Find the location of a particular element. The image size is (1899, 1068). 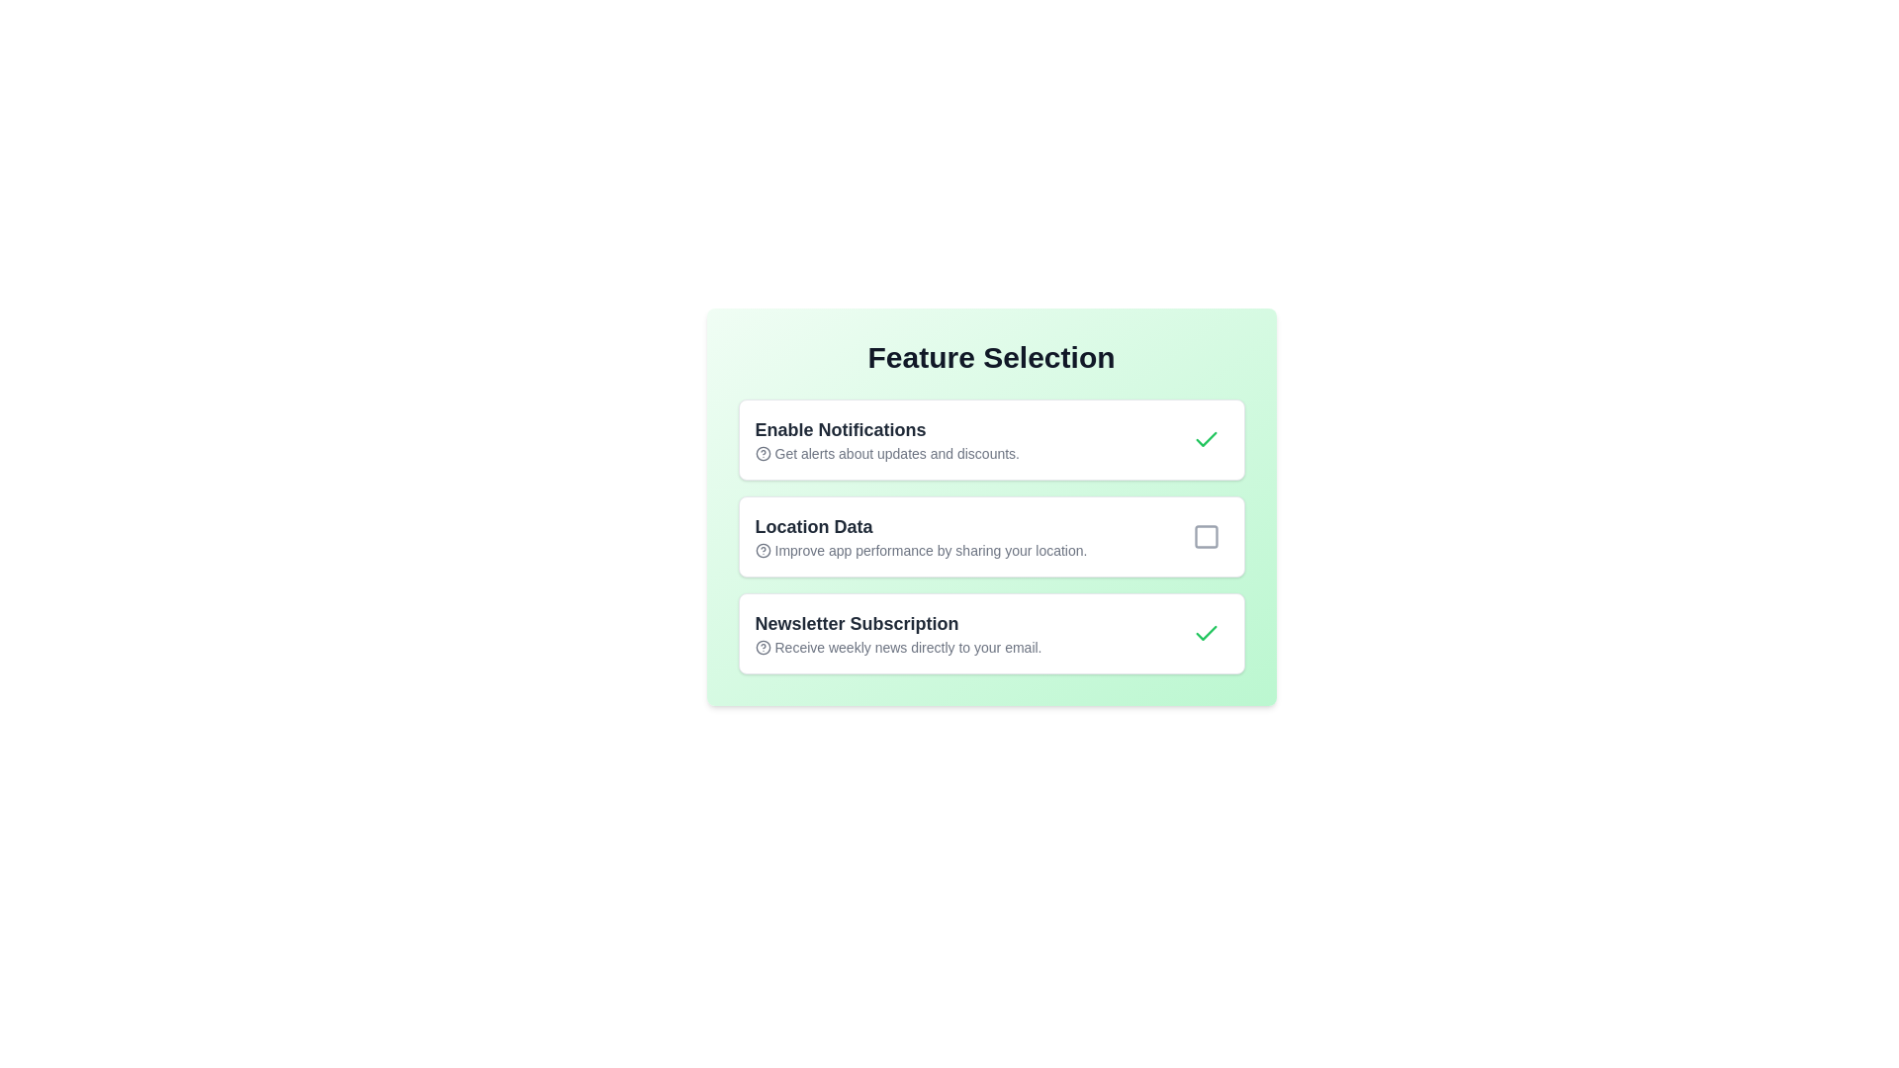

the icon located in the second row under 'Feature Selection', to the left of 'Location Data' is located at coordinates (762, 550).